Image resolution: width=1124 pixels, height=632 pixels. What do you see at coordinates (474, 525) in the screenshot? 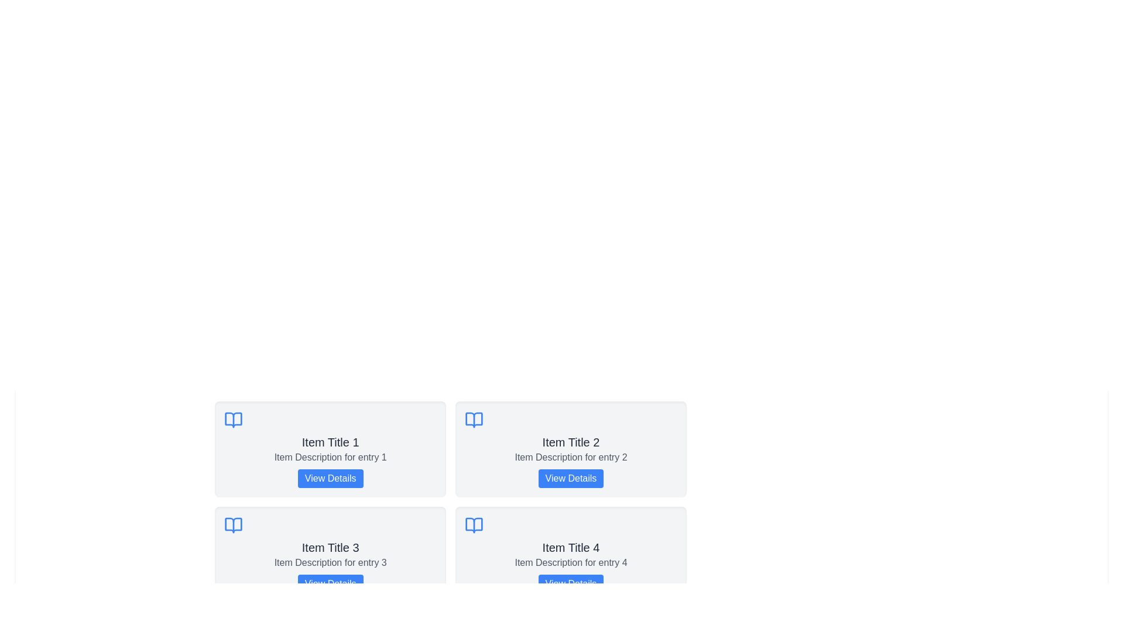
I see `the icon representing 'Item Title 4' in the grid layout, which serves to symbolize the category related to books or reading materials` at bounding box center [474, 525].